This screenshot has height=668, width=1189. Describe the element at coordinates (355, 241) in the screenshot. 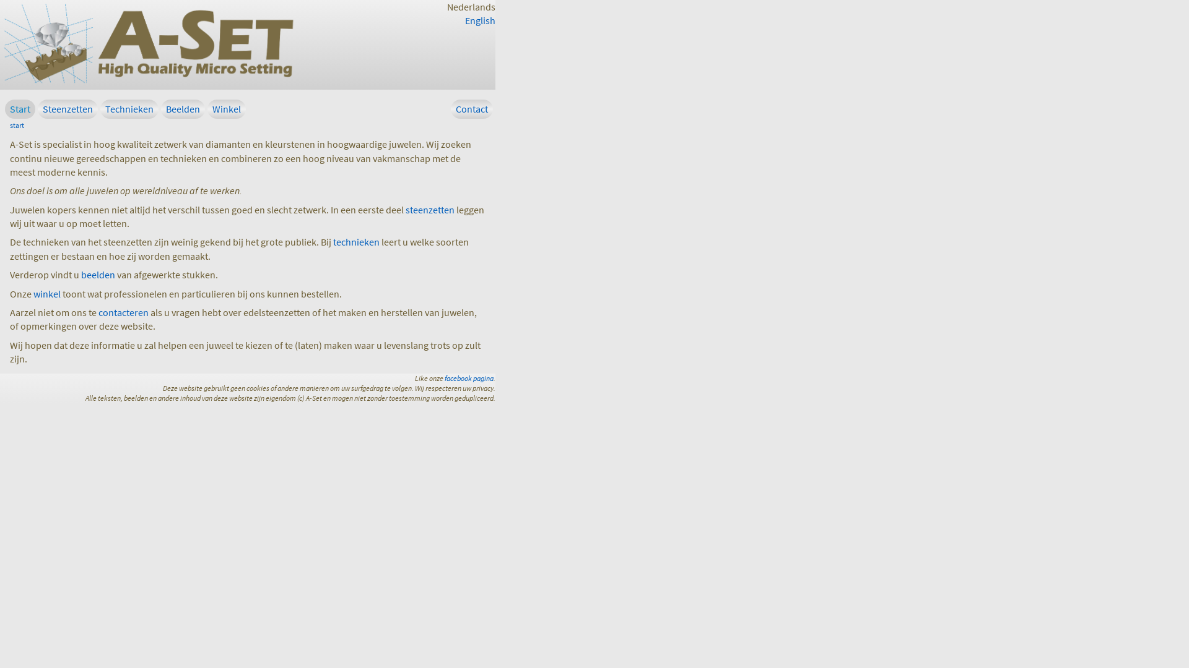

I see `'technieken'` at that location.